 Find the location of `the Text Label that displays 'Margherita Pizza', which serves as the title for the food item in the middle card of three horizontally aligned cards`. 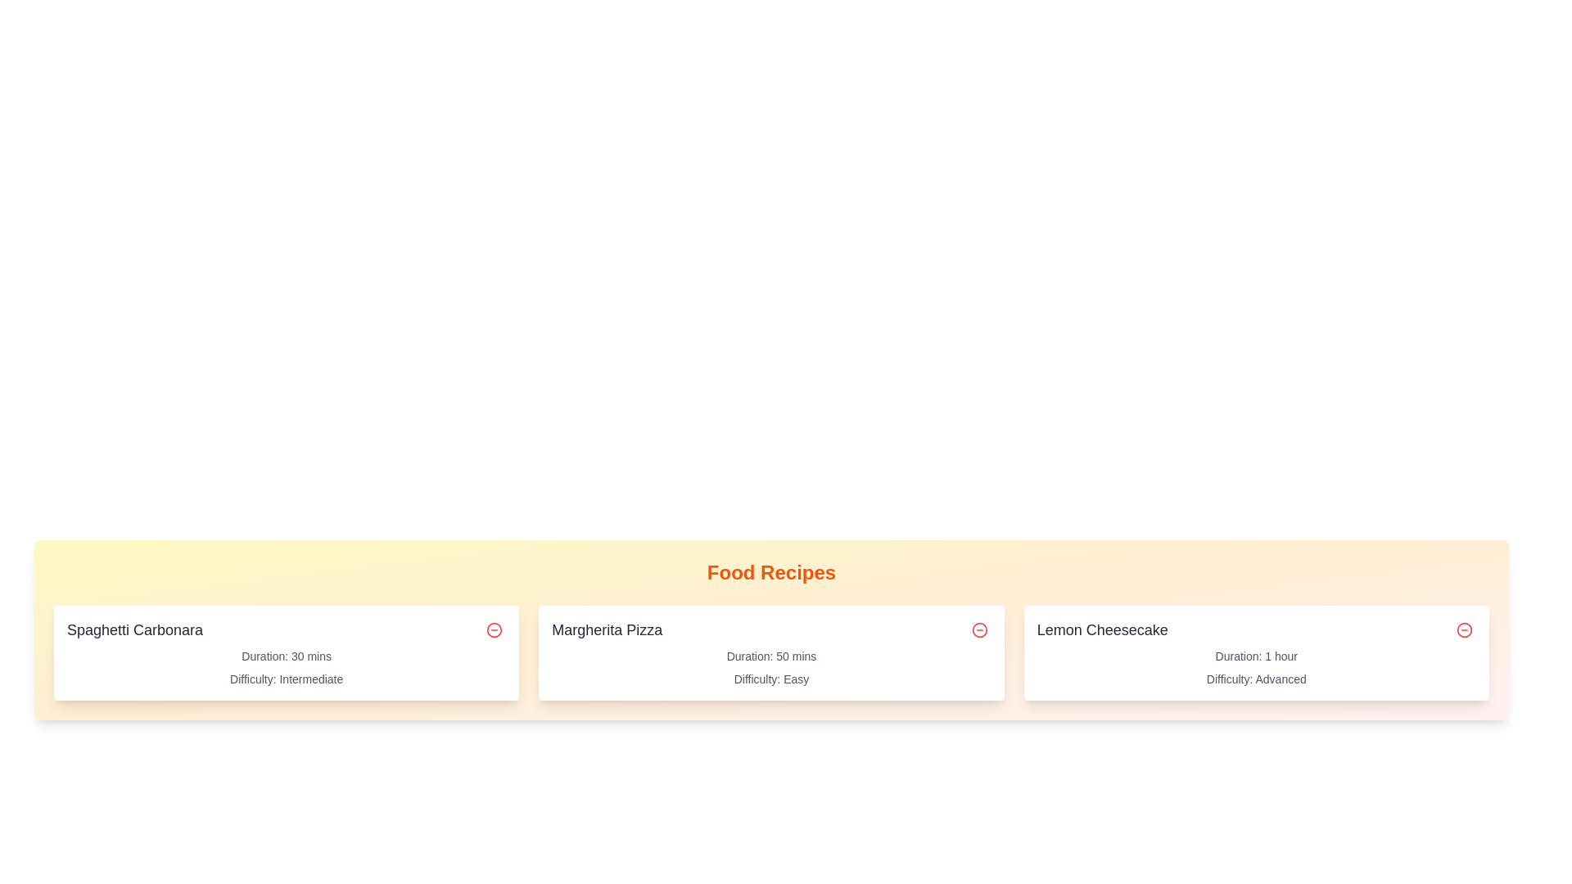

the Text Label that displays 'Margherita Pizza', which serves as the title for the food item in the middle card of three horizontally aligned cards is located at coordinates (606, 629).